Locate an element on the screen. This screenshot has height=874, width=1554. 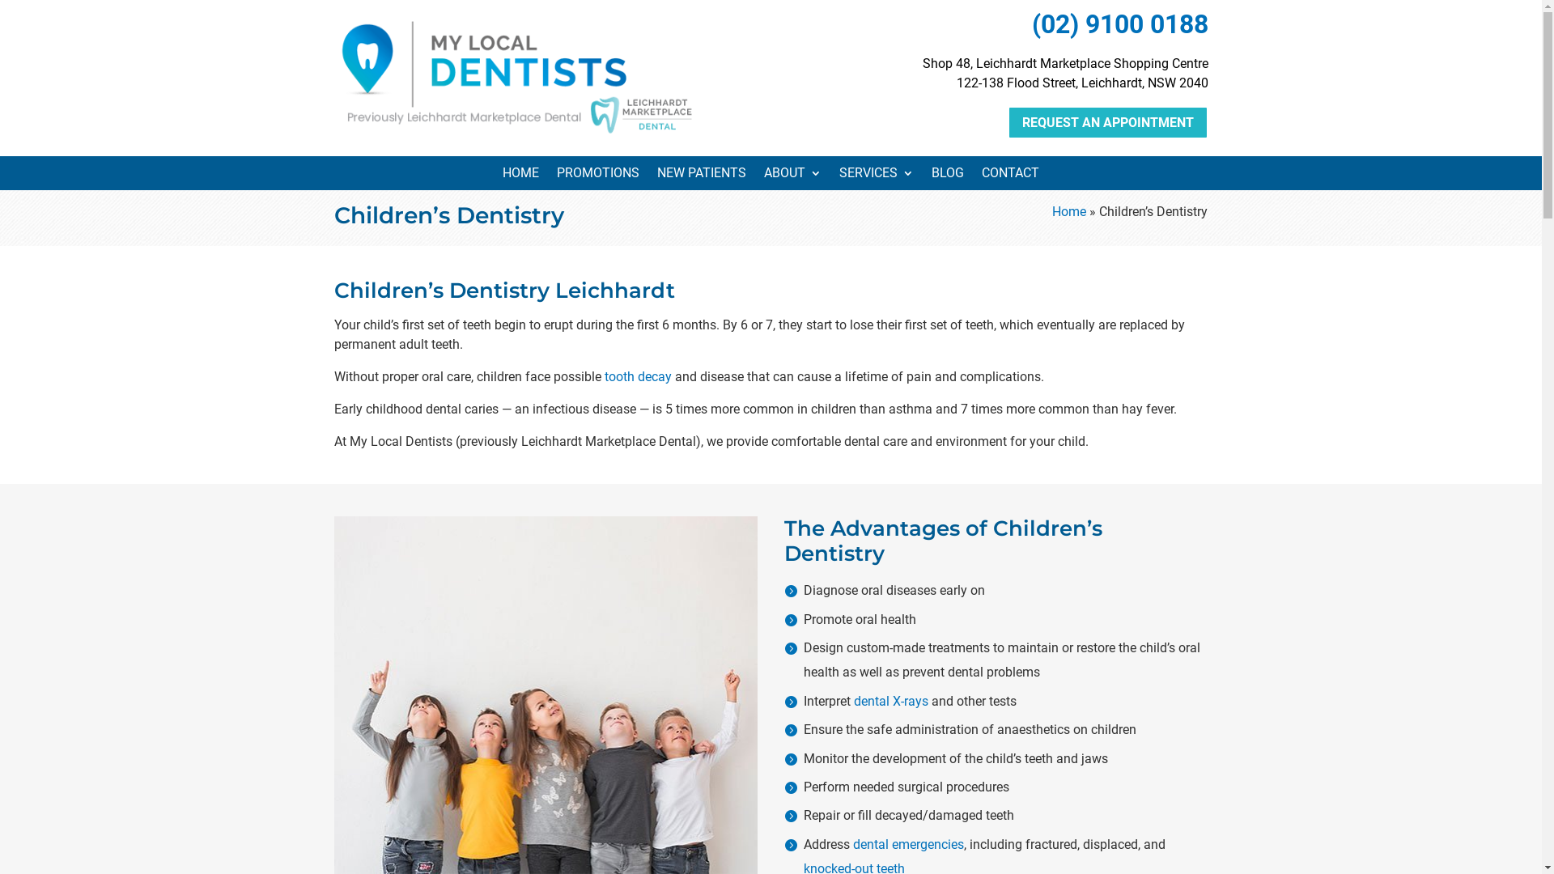
'REQUEST AN APPOINTMENT' is located at coordinates (1106, 121).